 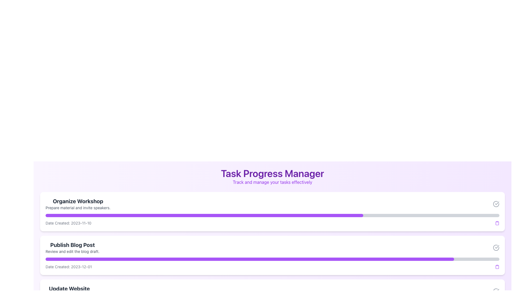 What do you see at coordinates (272, 173) in the screenshot?
I see `the prominently styled static text 'Task Progress Manager' which is centered above the sibling text 'Track and manage your tasks effectively'` at bounding box center [272, 173].